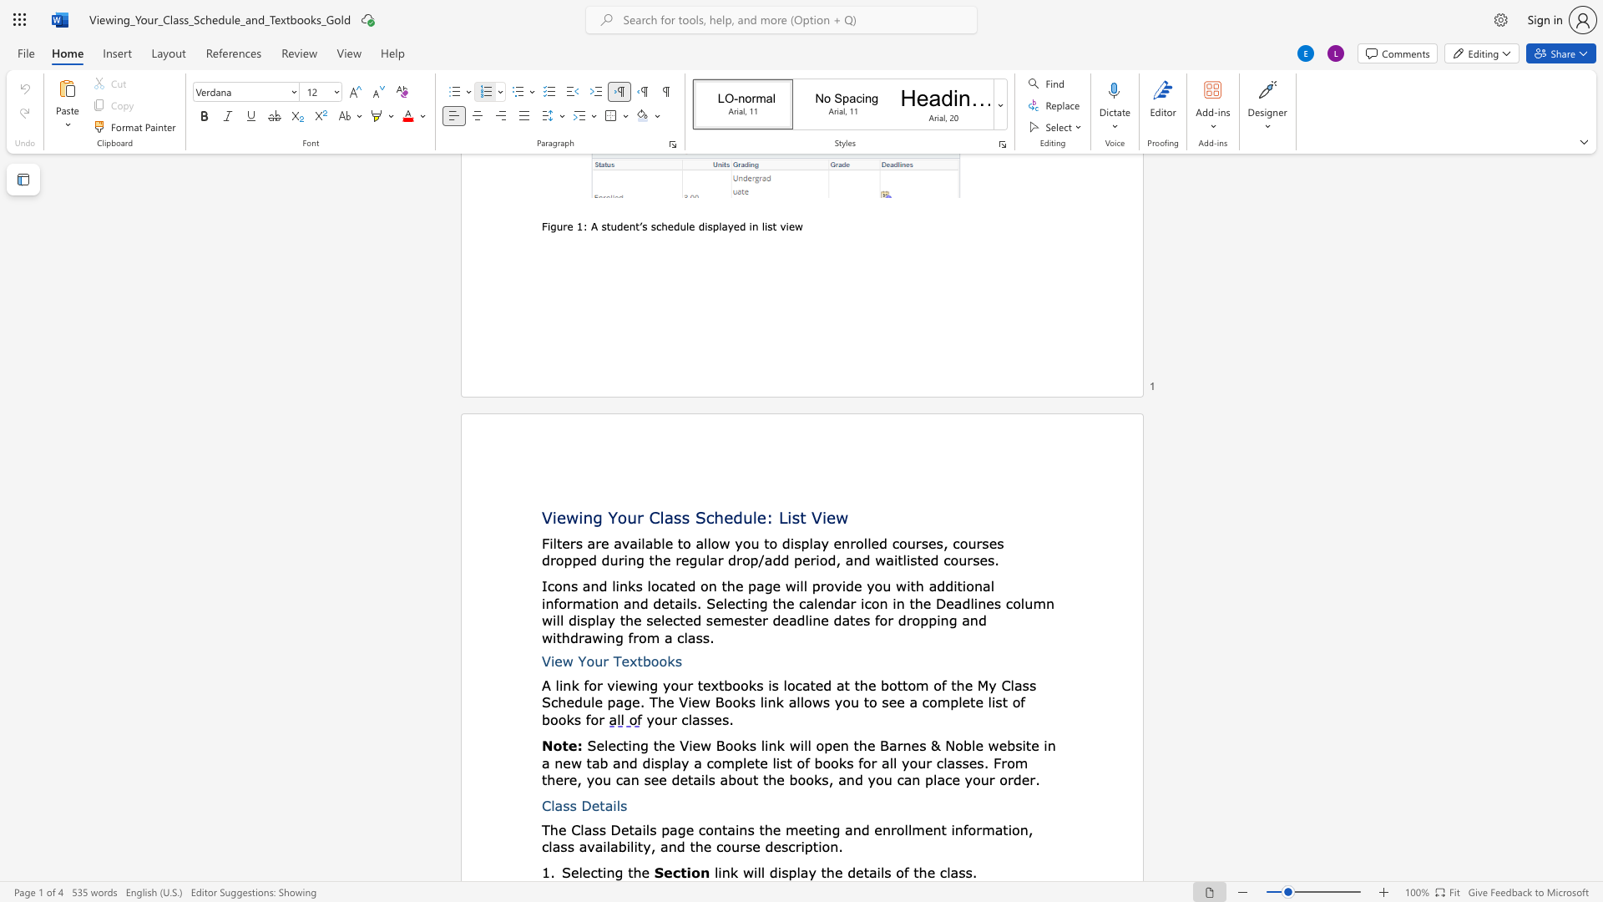 The width and height of the screenshot is (1603, 902). What do you see at coordinates (685, 516) in the screenshot?
I see `the 2th character "s" in the text` at bounding box center [685, 516].